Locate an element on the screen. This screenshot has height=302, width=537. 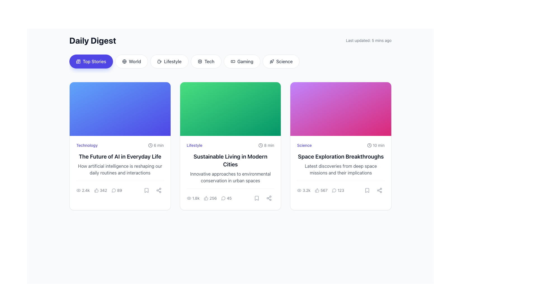
the speech bubble icon representing the comment count located to the left of the text '89' at the bottom of the first article card is located at coordinates (113, 190).